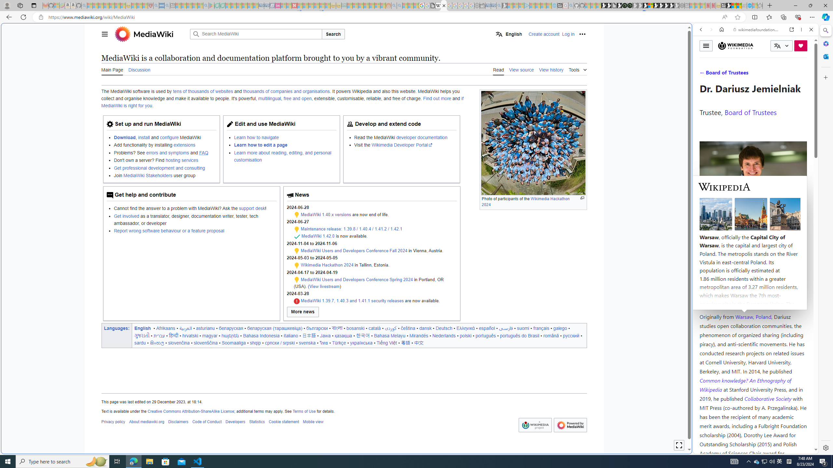 The height and width of the screenshot is (468, 833). Describe the element at coordinates (753, 217) in the screenshot. I see `'Wiktionary'` at that location.